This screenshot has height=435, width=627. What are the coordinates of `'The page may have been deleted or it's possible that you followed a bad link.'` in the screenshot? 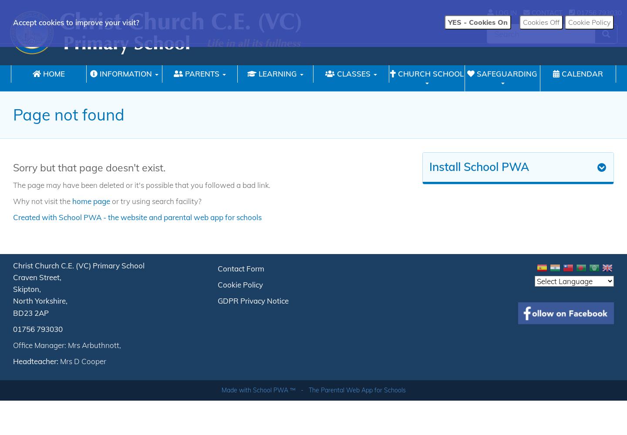 It's located at (142, 184).